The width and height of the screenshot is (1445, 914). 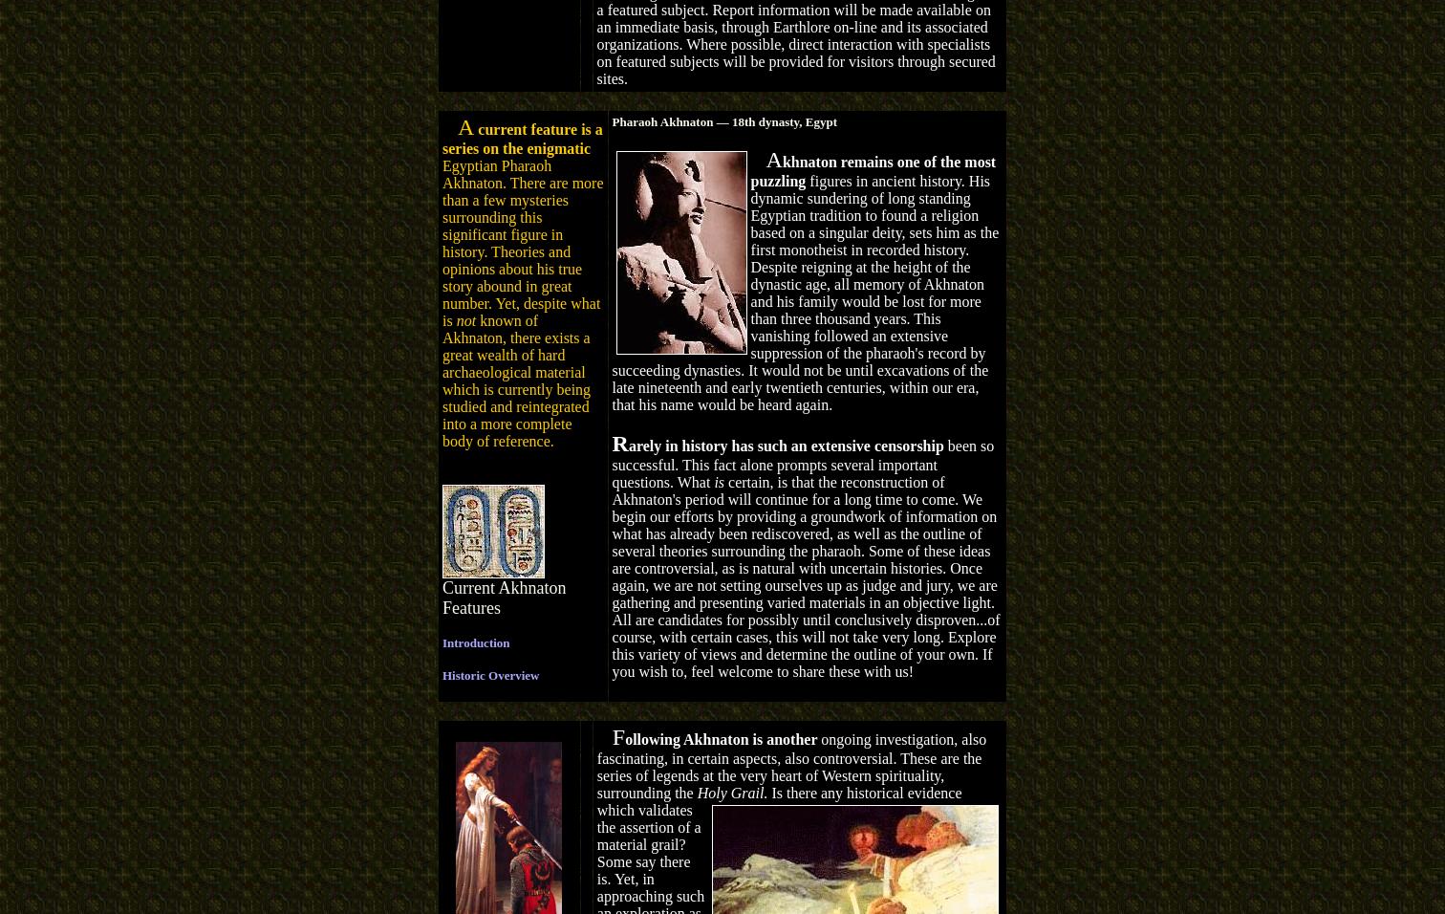 I want to click on 'ongoing investigation, also fascinating, in certain 
        aspects, also controversial. These are the series of legends at the very 
        heart of Western spirituality, surrounding the', so click(x=790, y=764).